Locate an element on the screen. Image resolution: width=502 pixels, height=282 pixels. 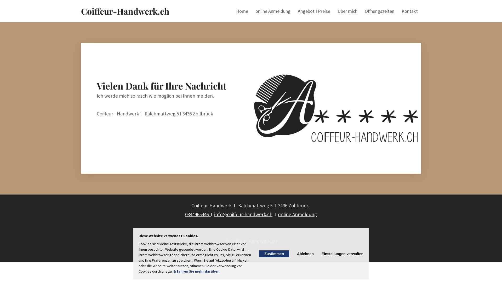
'Kontakt' is located at coordinates (398, 11).